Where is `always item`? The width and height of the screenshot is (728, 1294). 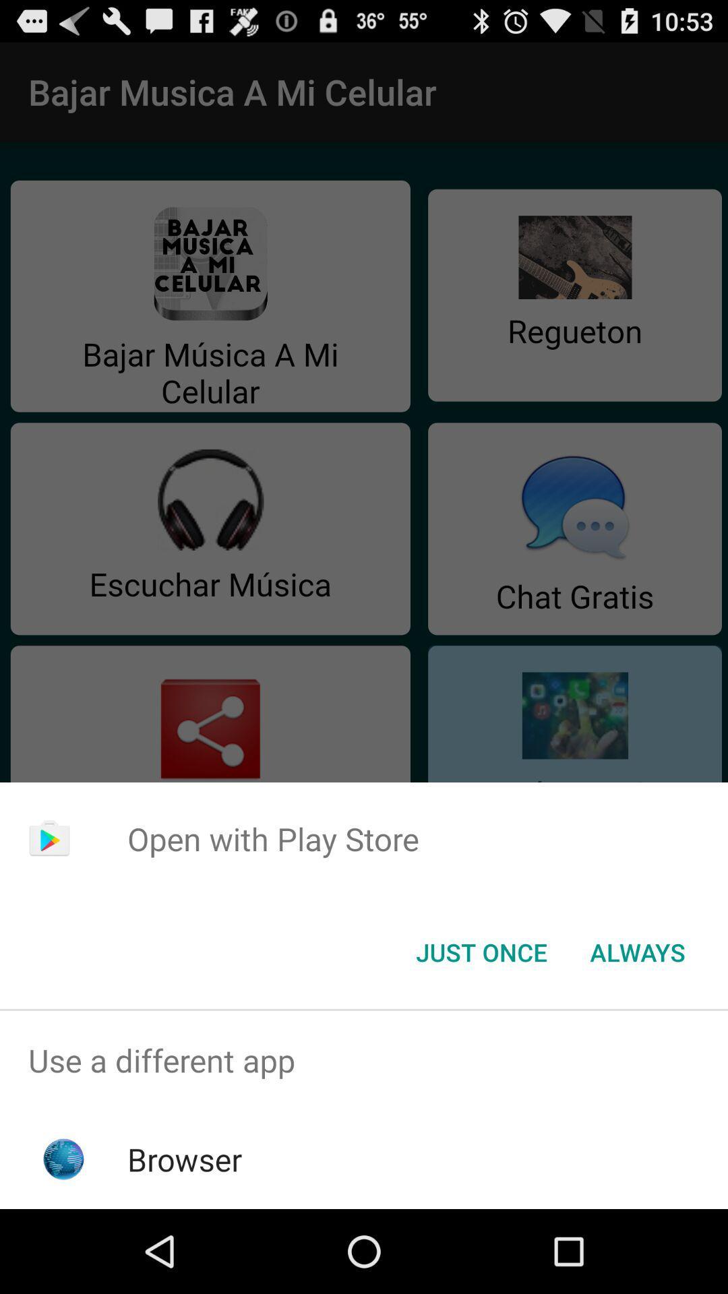
always item is located at coordinates (637, 951).